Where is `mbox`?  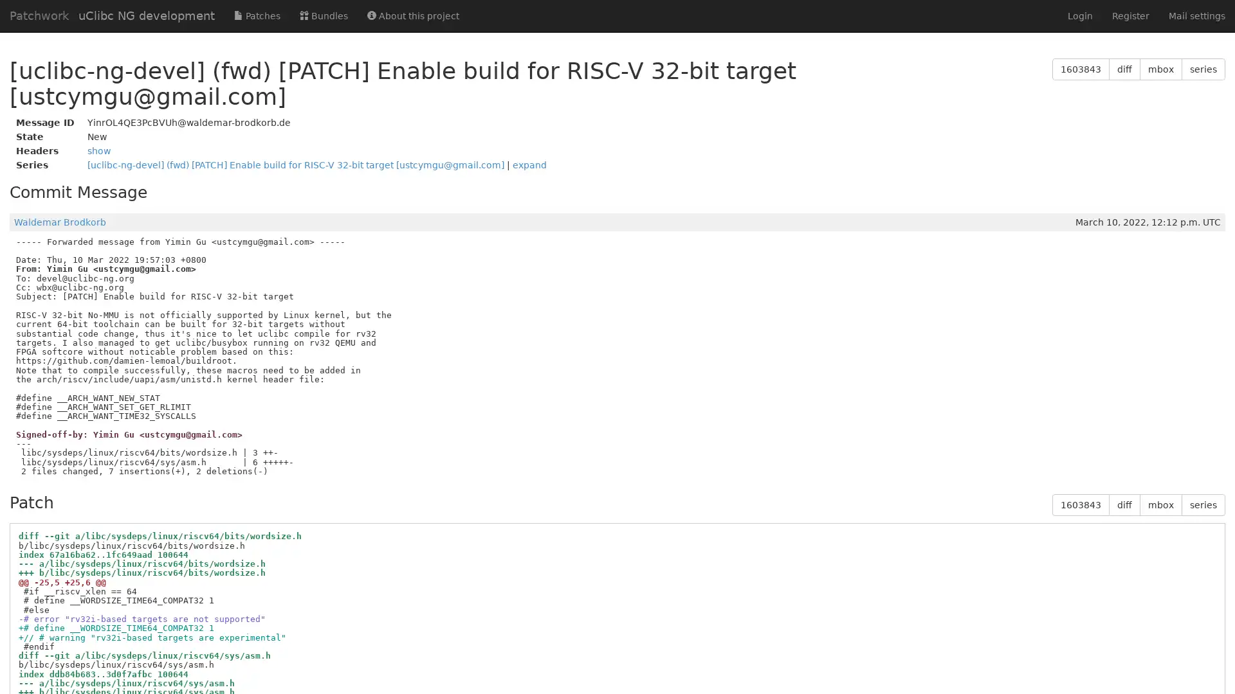 mbox is located at coordinates (1160, 504).